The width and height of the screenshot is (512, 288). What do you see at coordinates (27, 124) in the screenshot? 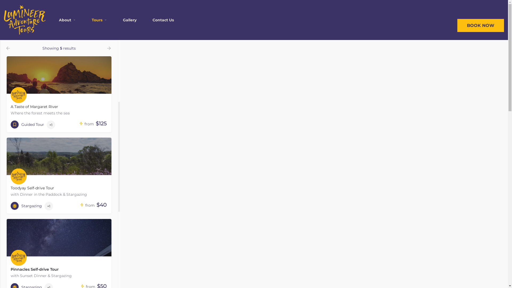
I see `'Guided Tour'` at bounding box center [27, 124].